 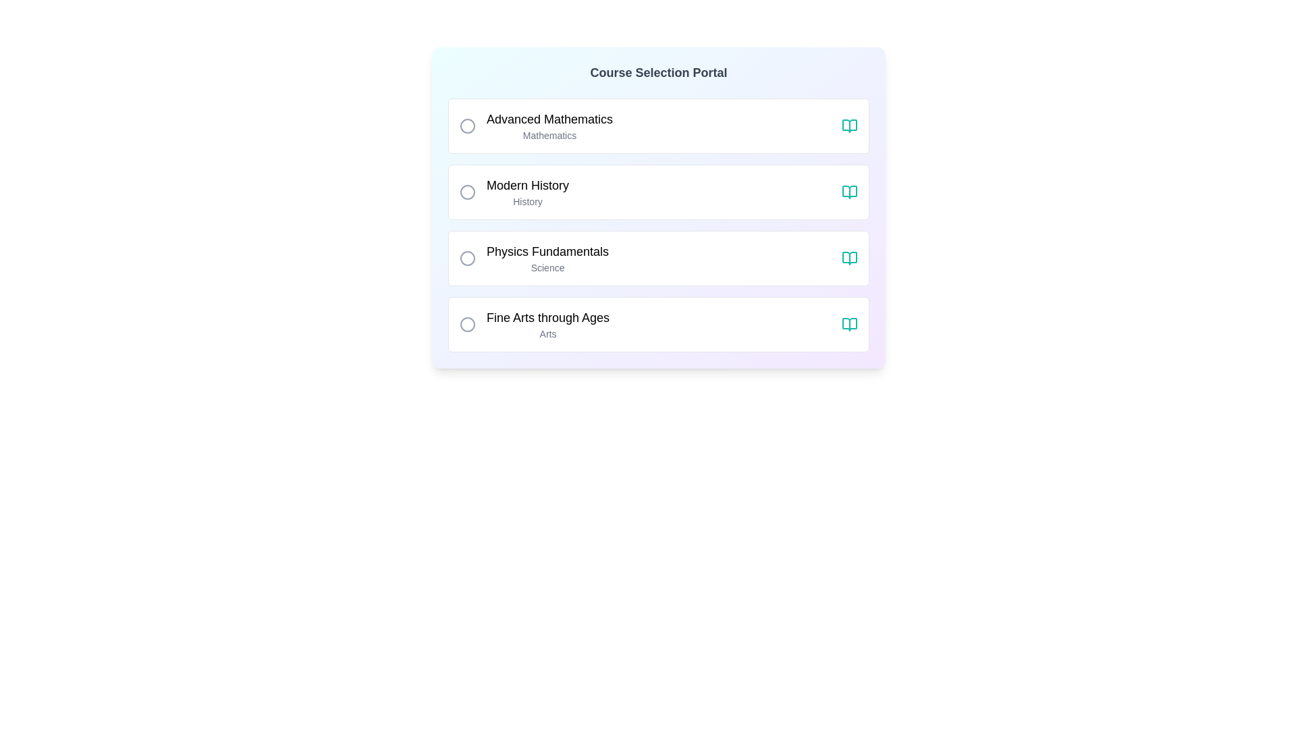 I want to click on the 'Fine Arts through Ages' course text label in the Course Selection Portal list, so click(x=547, y=325).